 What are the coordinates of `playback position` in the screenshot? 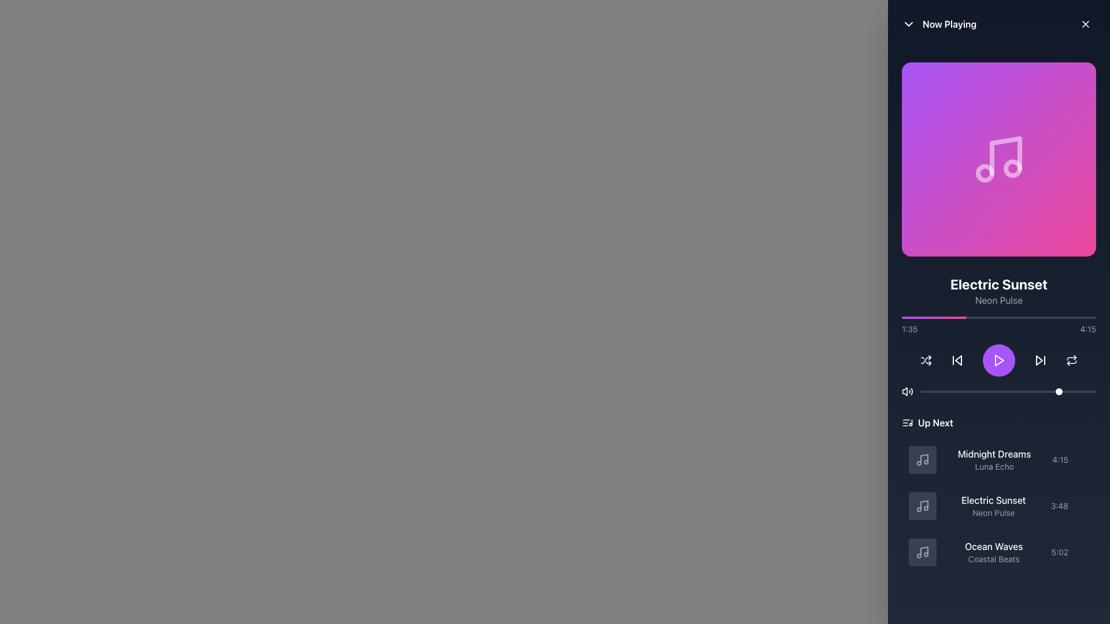 It's located at (950, 318).